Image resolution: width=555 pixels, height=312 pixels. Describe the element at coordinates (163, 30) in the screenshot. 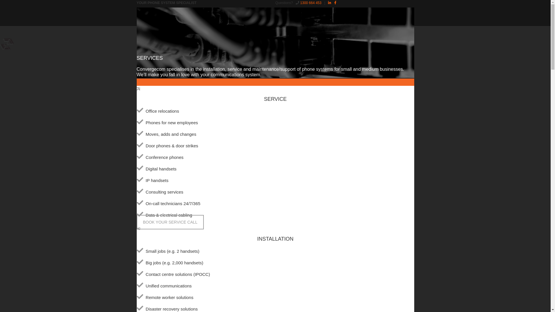

I see `'ABOUT'` at that location.